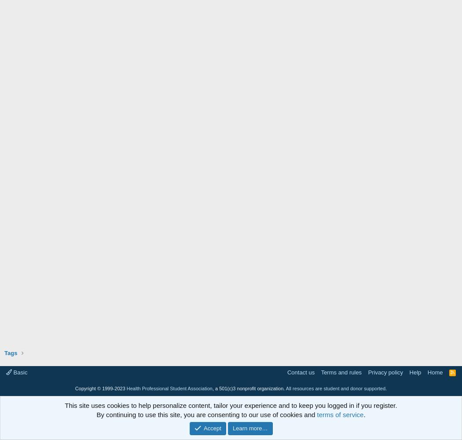 The width and height of the screenshot is (462, 440). Describe the element at coordinates (249, 427) in the screenshot. I see `'Learn more…'` at that location.